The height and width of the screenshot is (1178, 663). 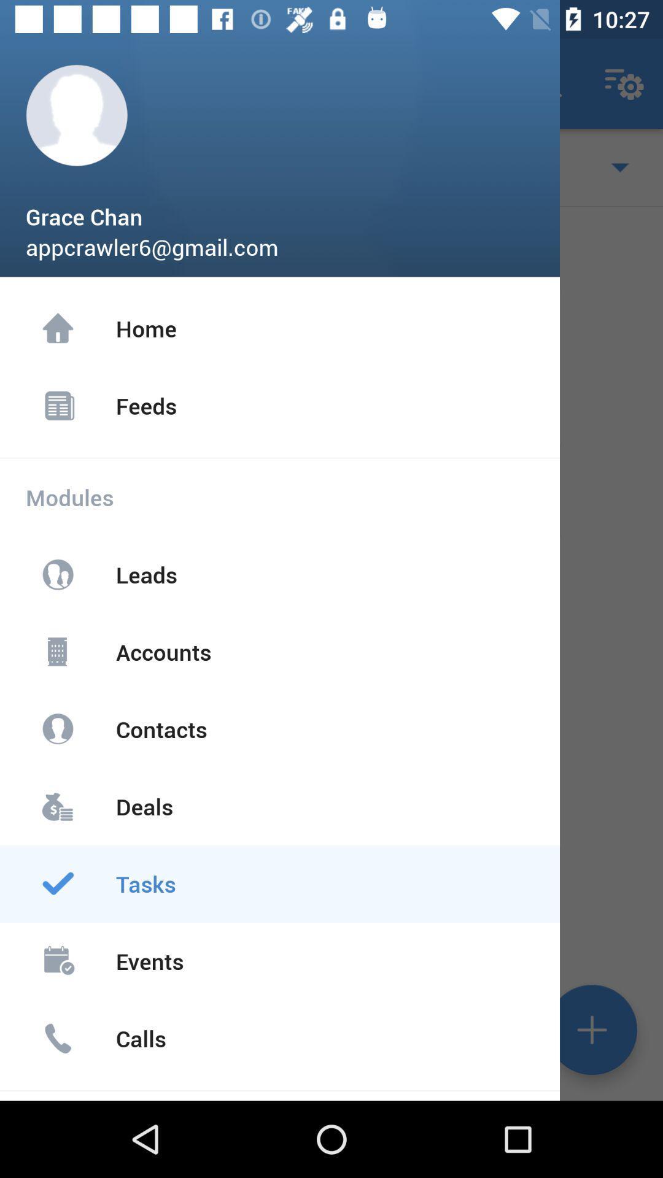 What do you see at coordinates (591, 1030) in the screenshot?
I see `the add icon` at bounding box center [591, 1030].